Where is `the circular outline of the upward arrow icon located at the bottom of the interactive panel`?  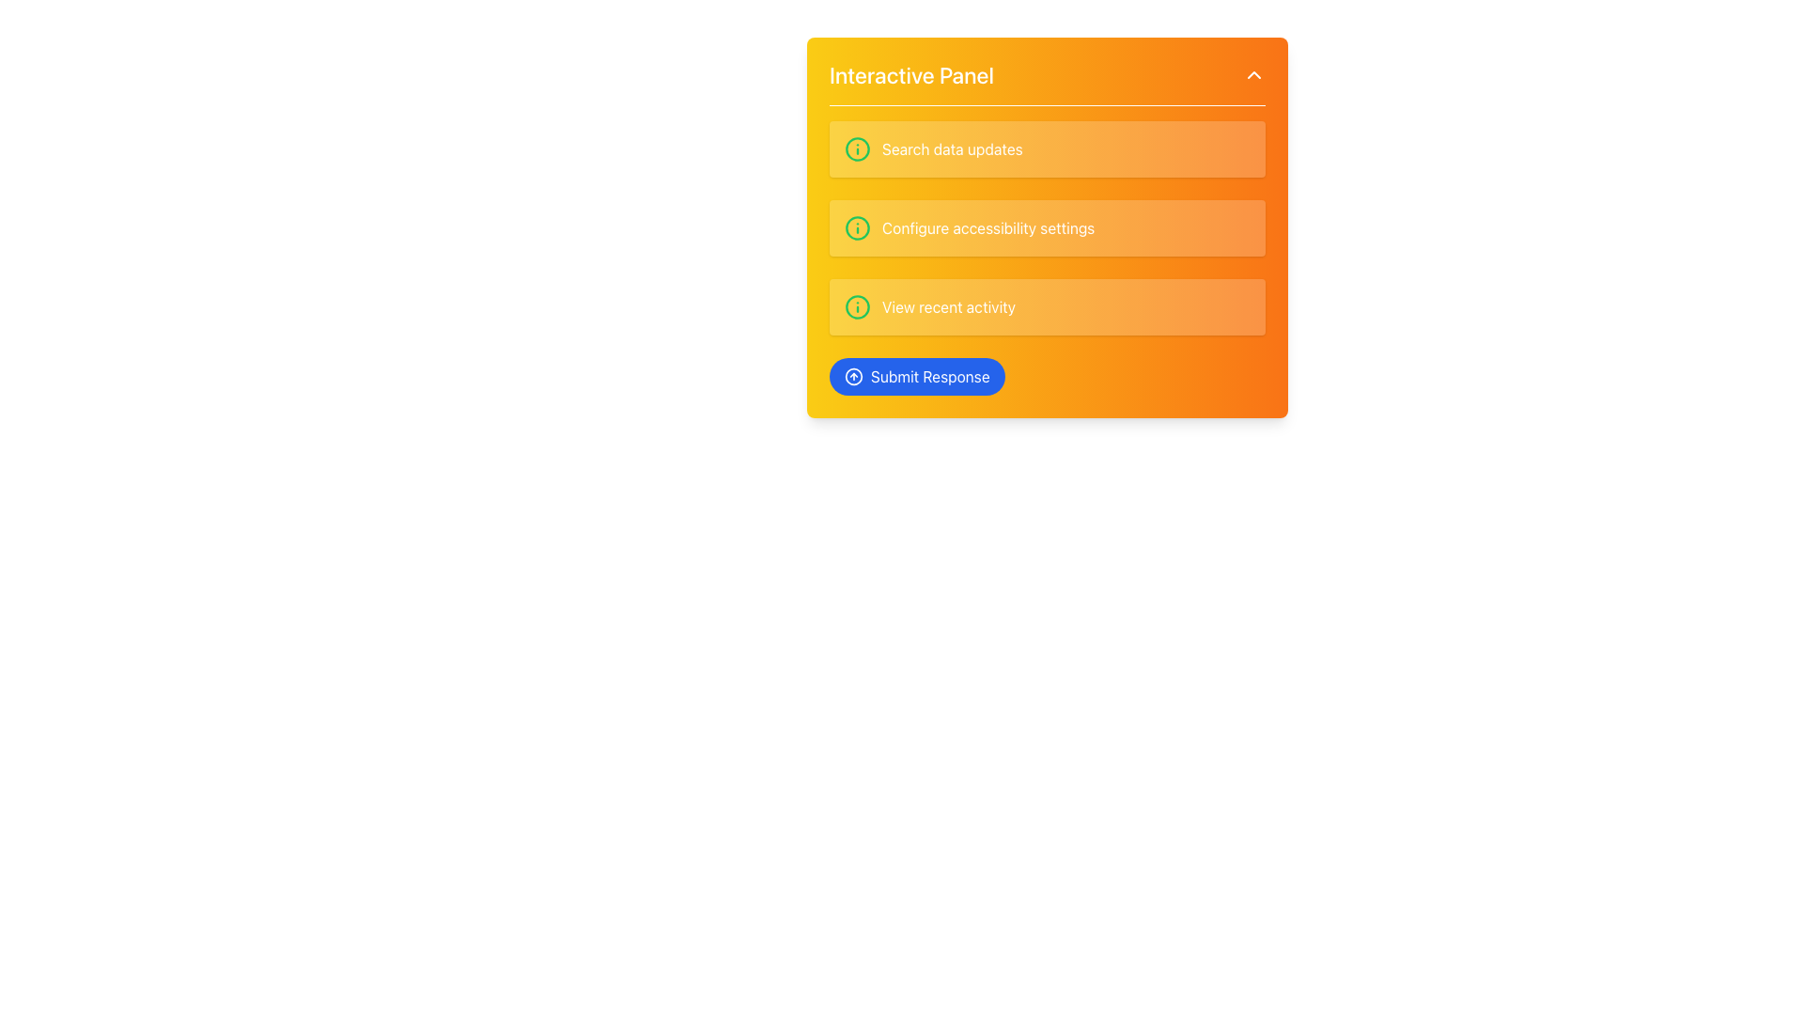
the circular outline of the upward arrow icon located at the bottom of the interactive panel is located at coordinates (852, 377).